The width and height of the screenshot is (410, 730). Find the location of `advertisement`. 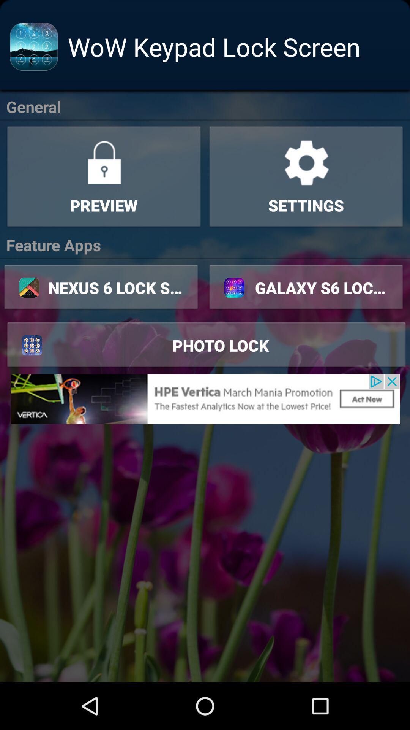

advertisement is located at coordinates (205, 398).